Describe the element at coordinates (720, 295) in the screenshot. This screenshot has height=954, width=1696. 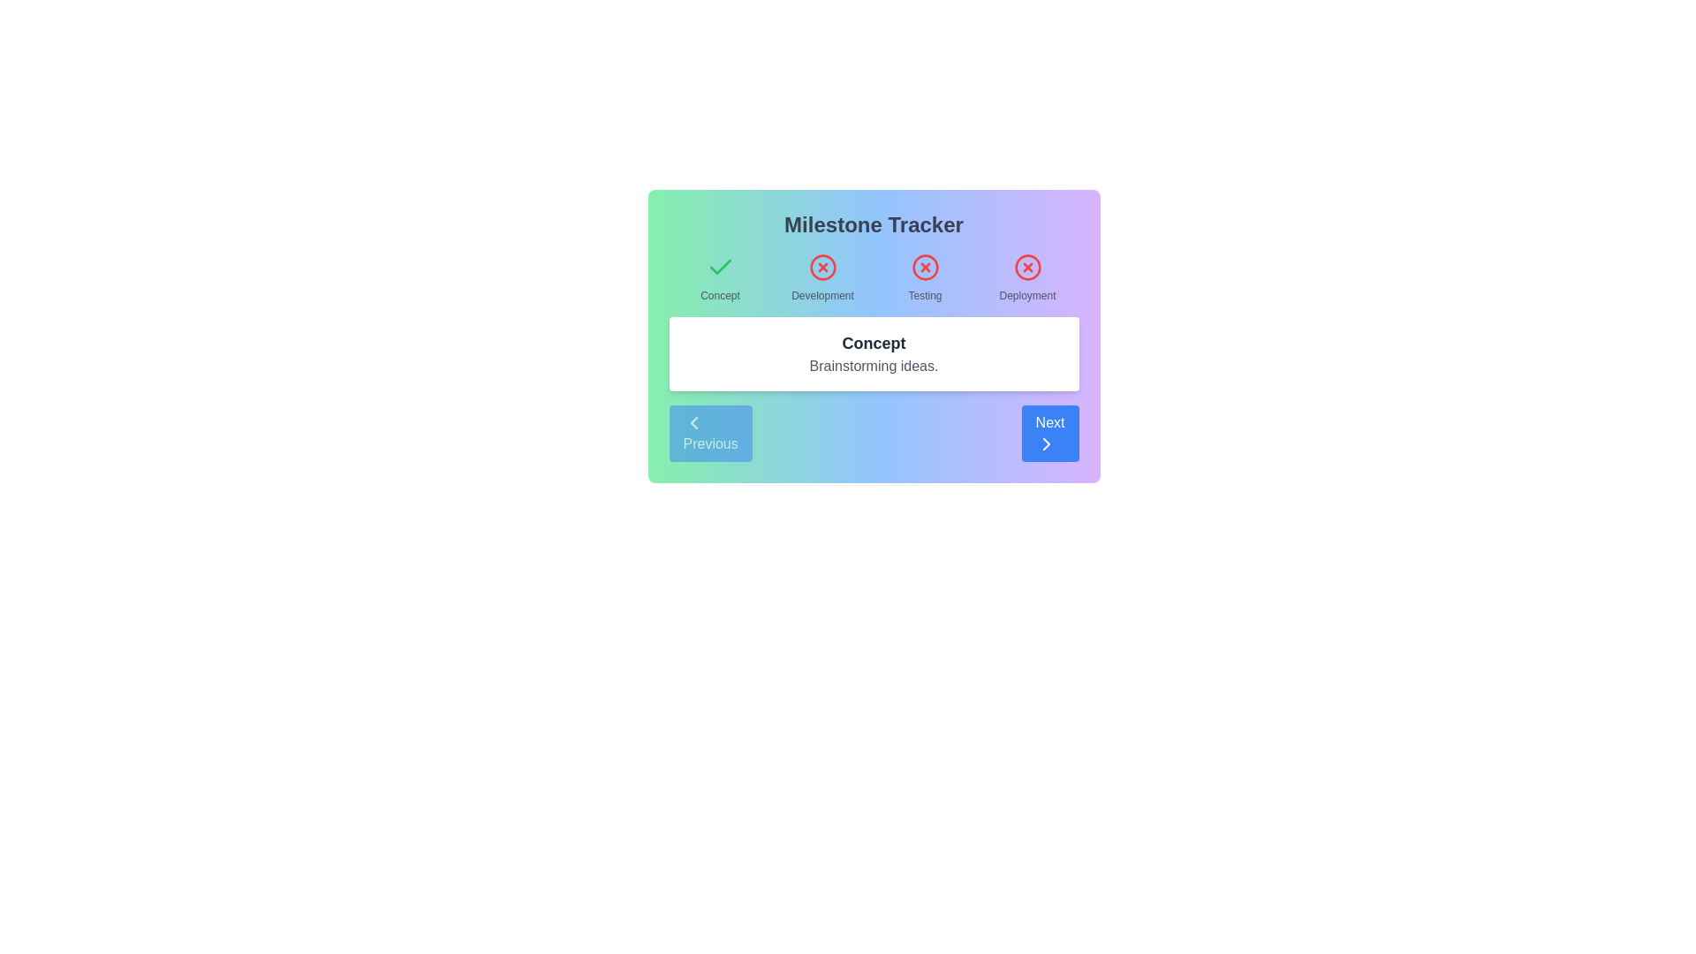
I see `text content of the label indicating the completed milestone phase as 'Concept', located under the green checkmark icon in the milestone tracker interface` at that location.